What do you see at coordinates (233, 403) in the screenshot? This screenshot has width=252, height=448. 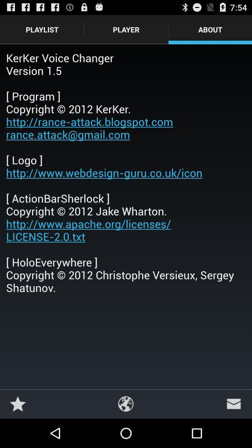 I see `icon below kerker voice changer icon` at bounding box center [233, 403].